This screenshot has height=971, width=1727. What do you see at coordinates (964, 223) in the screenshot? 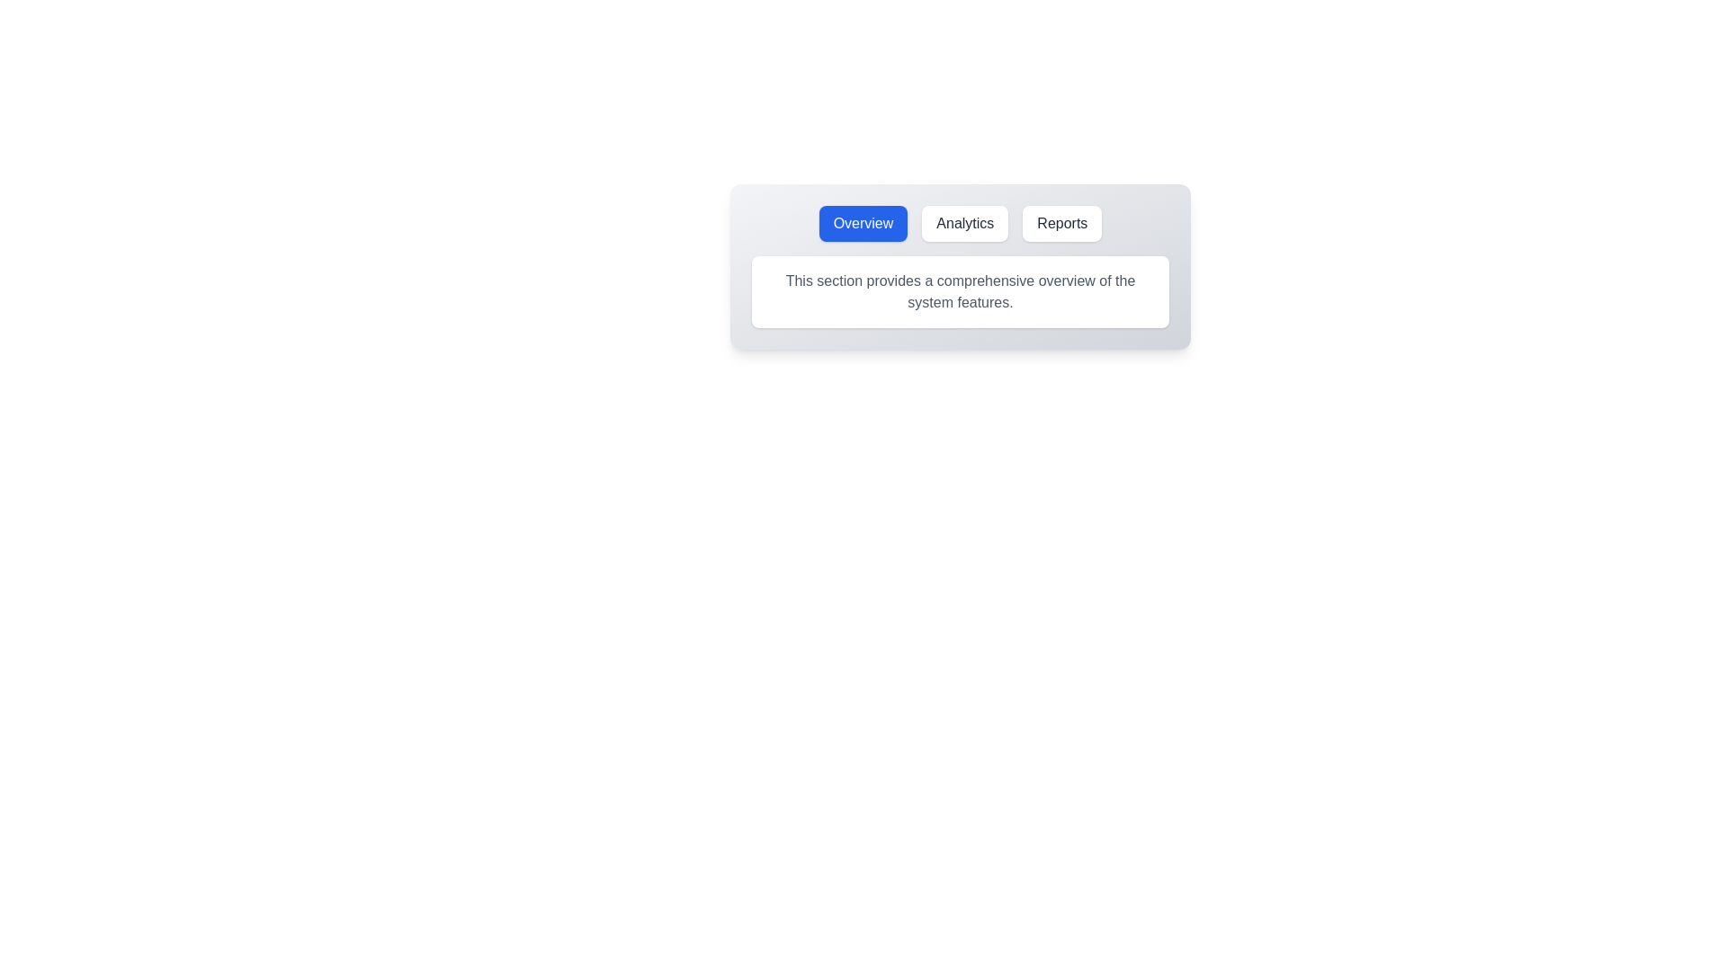
I see `the Analytics tab by clicking its button` at bounding box center [964, 223].